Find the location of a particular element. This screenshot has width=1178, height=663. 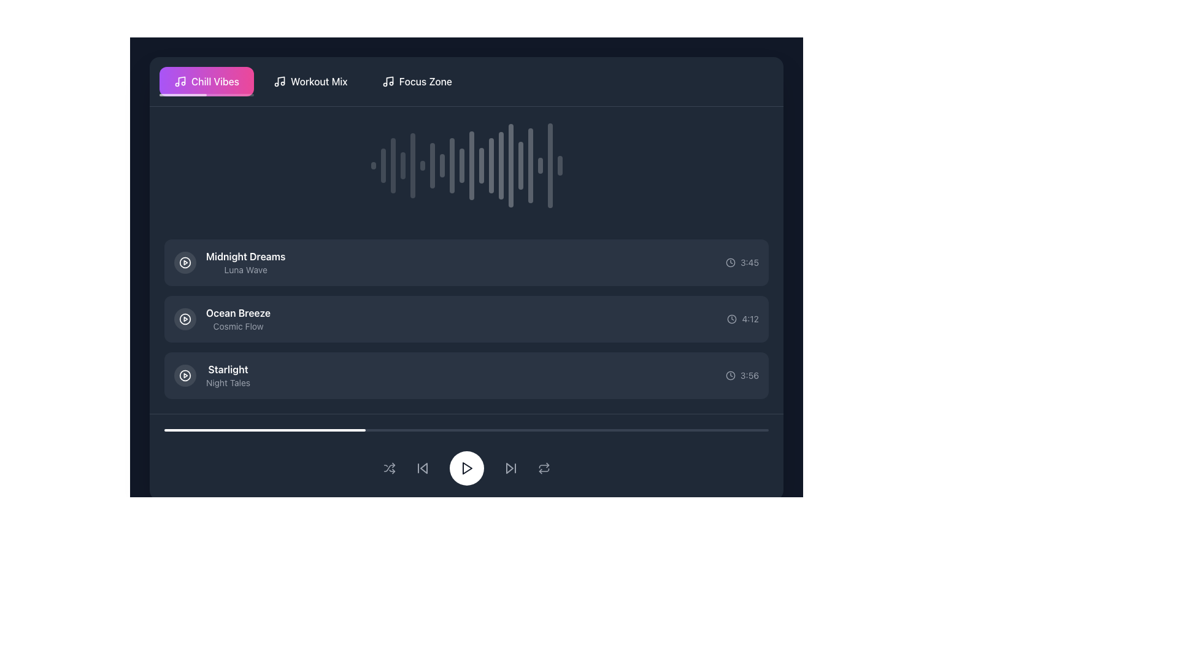

the 10th vertical bar of the dynamic waveform visualization, which represents a segment of audio playback is located at coordinates (461, 166).